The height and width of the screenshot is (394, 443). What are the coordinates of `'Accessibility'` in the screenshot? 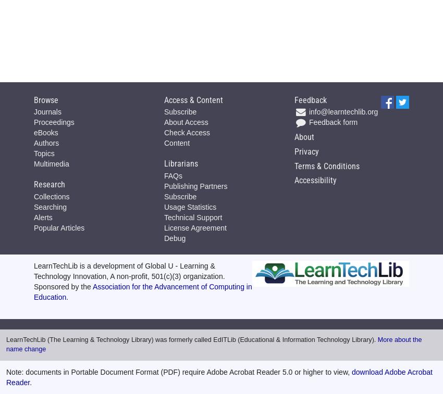 It's located at (315, 180).